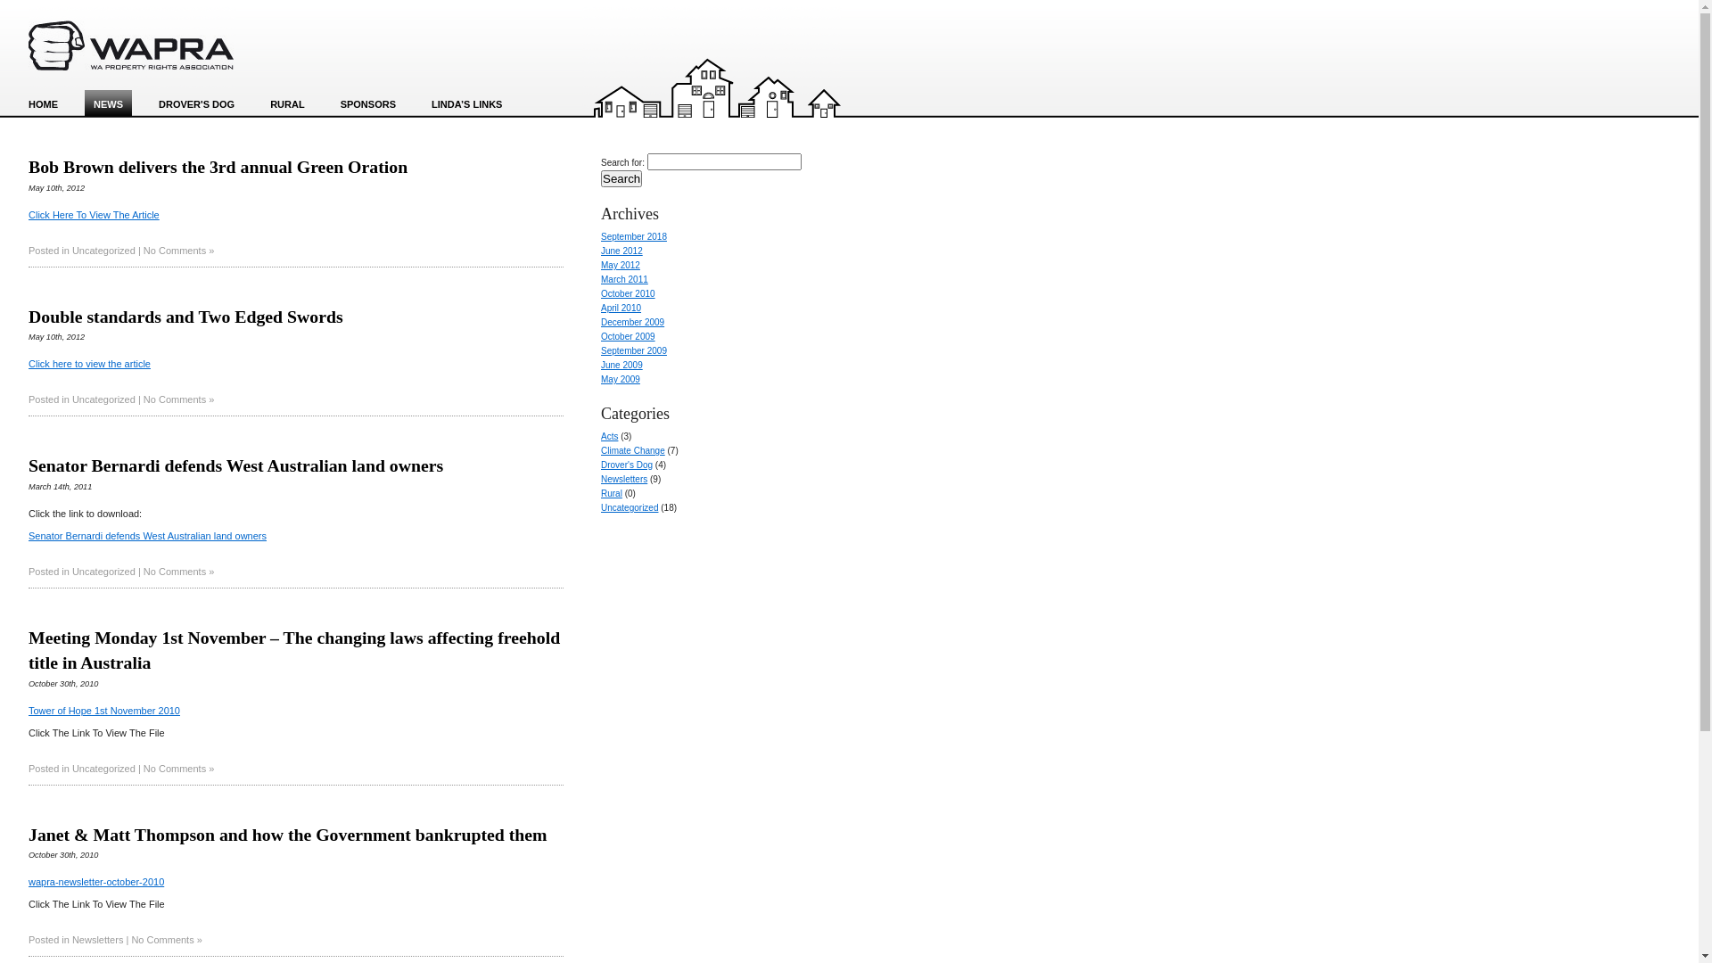 This screenshot has height=963, width=1712. Describe the element at coordinates (624, 279) in the screenshot. I see `'March 2011'` at that location.